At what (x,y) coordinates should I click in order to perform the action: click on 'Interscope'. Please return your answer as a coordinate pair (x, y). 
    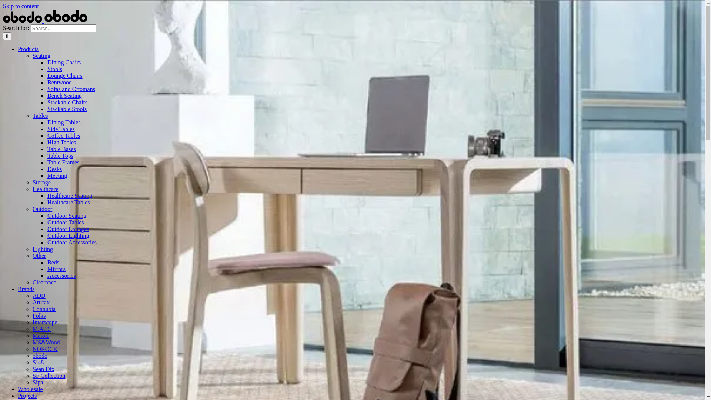
    Looking at the image, I should click on (32, 322).